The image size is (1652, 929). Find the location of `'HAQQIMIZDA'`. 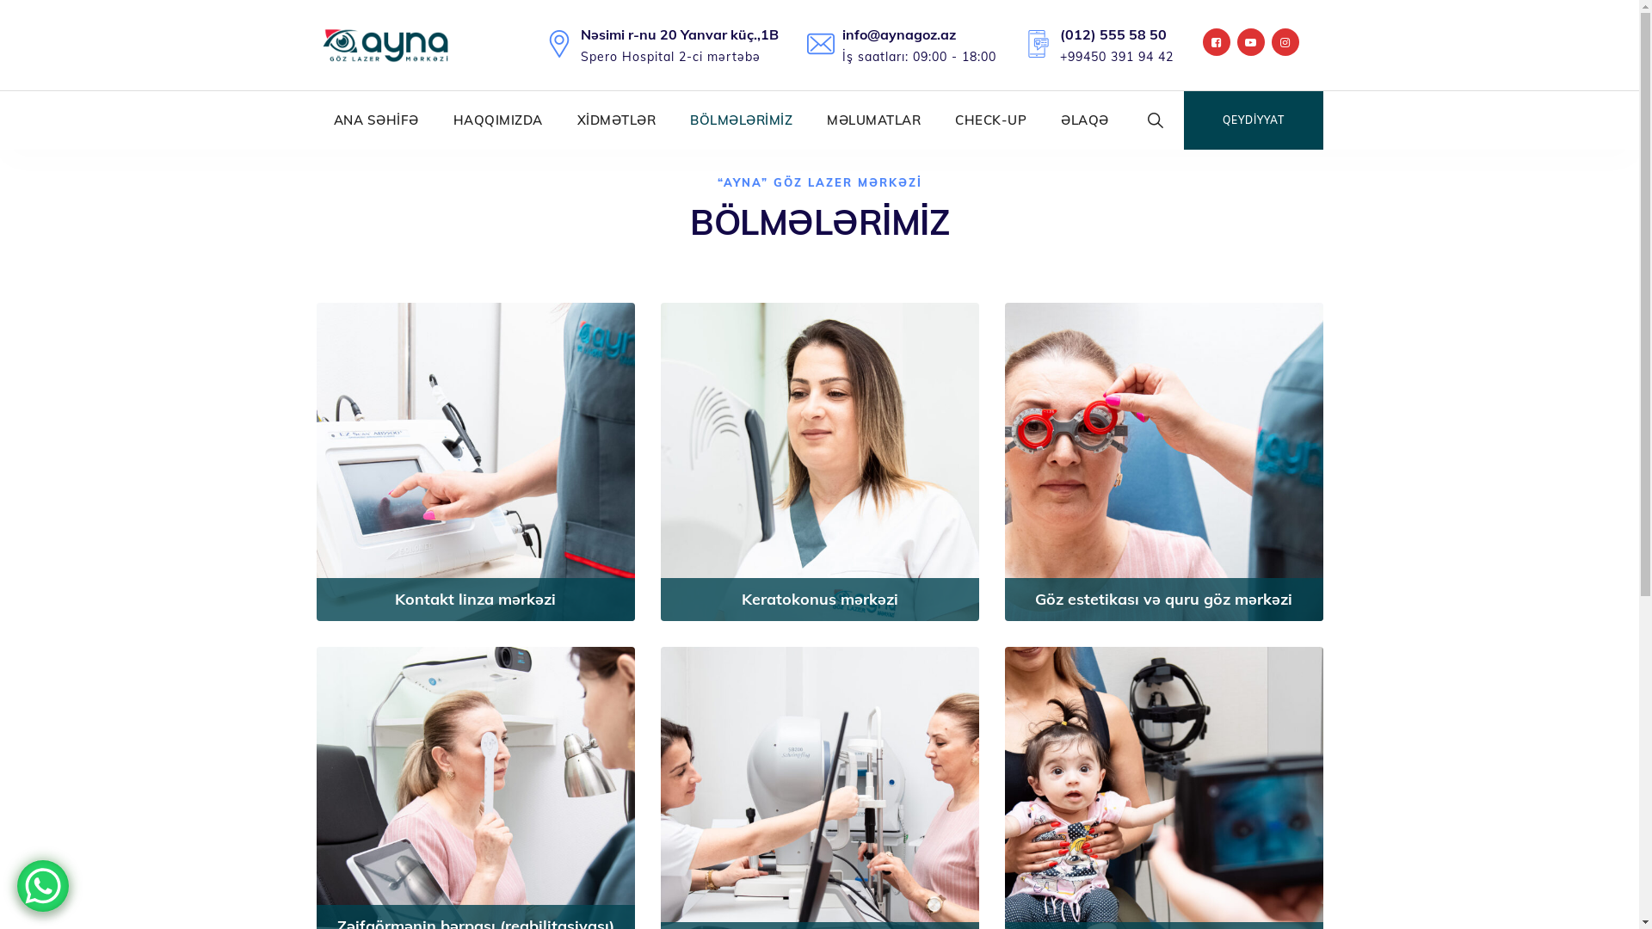

'HAQQIMIZDA' is located at coordinates (496, 119).